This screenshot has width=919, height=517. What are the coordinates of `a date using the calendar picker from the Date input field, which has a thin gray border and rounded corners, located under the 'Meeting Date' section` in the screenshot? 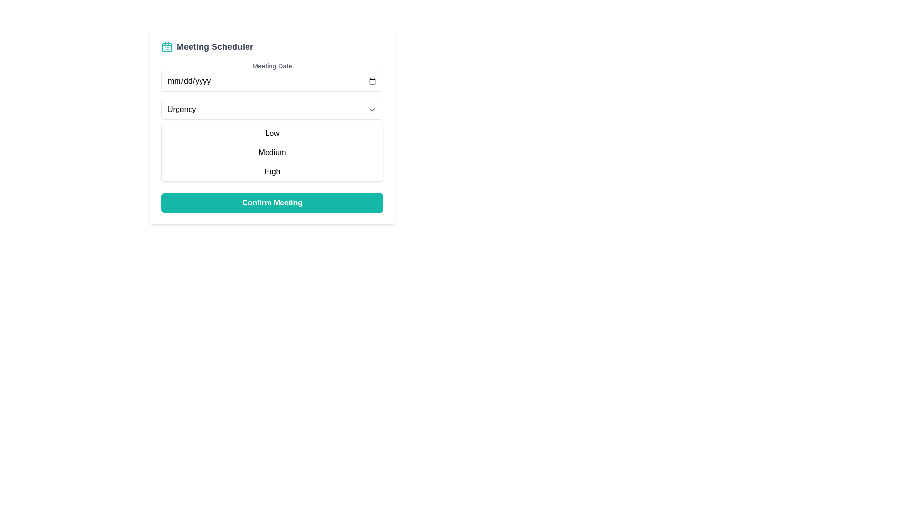 It's located at (272, 80).